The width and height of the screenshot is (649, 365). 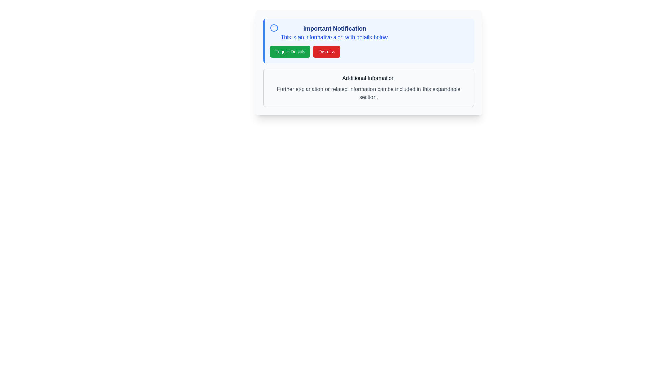 I want to click on the dismiss button located on the right-hand side of the notification panel, so click(x=327, y=51).